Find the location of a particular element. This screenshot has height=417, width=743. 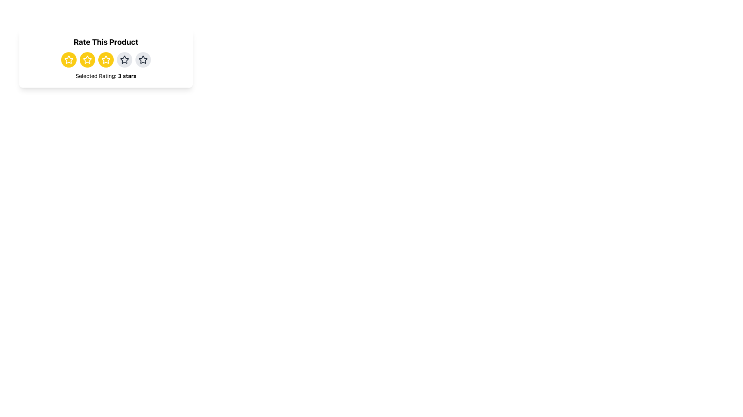

the Text Label that serves as a heading for rating an item or service, positioned at the top of a rectangular card-like section is located at coordinates (105, 42).